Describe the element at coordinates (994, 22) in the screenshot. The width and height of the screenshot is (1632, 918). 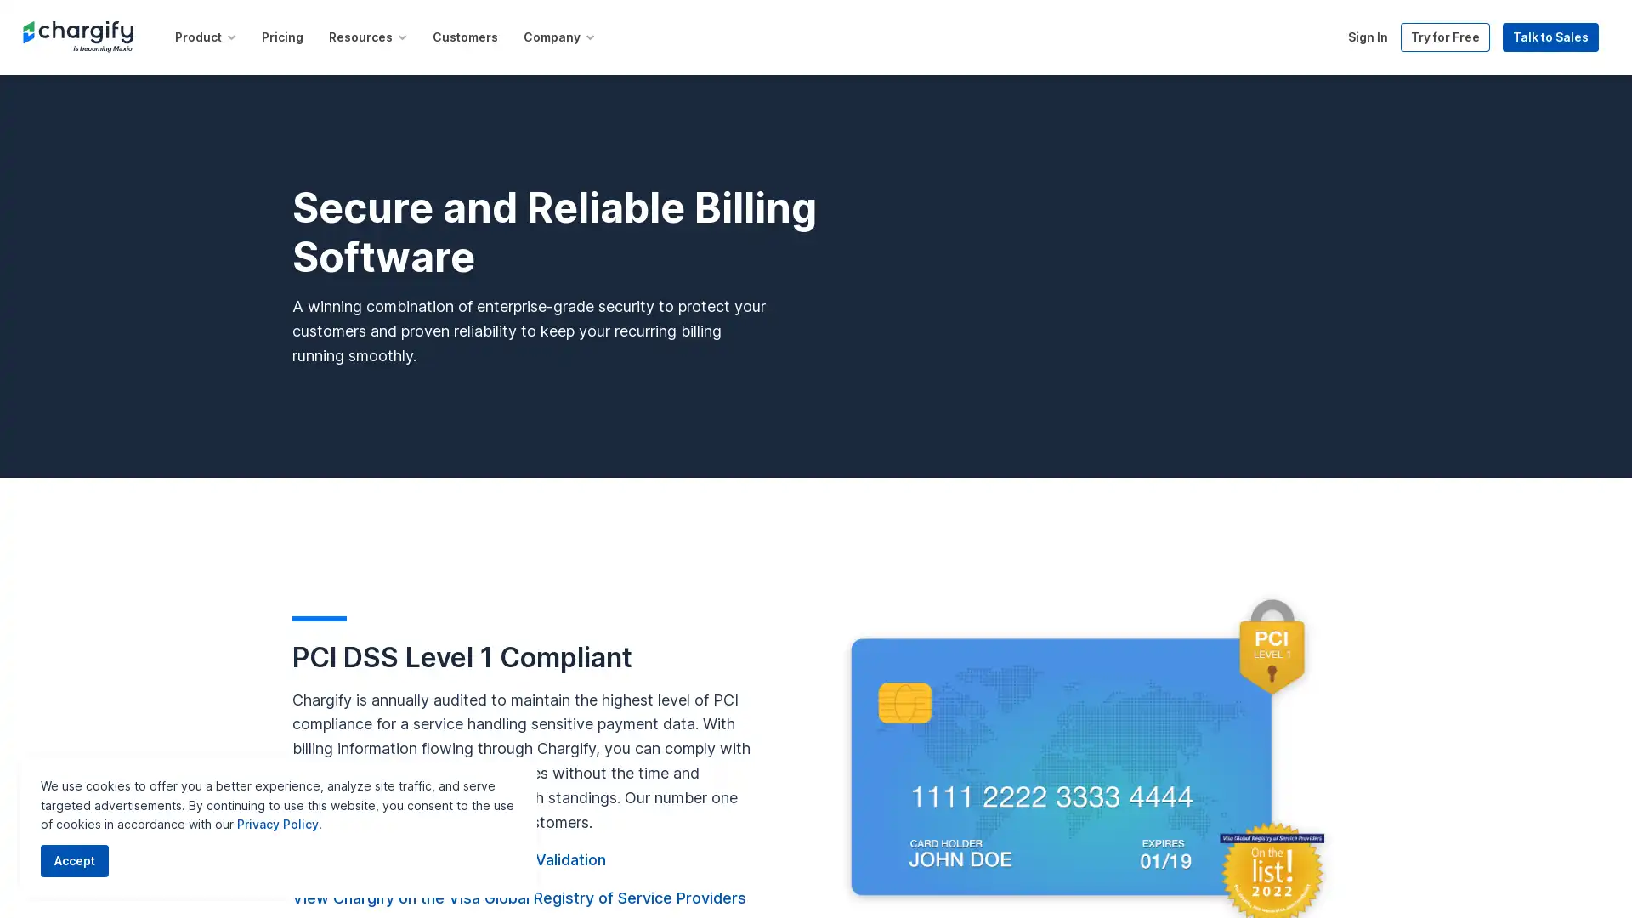
I see `Learn More` at that location.